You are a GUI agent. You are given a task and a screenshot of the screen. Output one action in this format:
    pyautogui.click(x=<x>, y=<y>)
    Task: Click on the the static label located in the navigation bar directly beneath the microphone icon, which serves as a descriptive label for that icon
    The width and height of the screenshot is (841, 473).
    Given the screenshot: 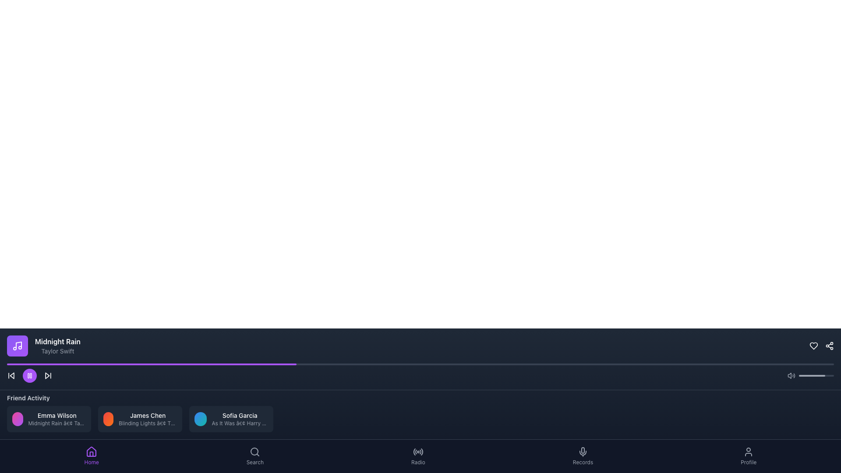 What is the action you would take?
    pyautogui.click(x=583, y=462)
    